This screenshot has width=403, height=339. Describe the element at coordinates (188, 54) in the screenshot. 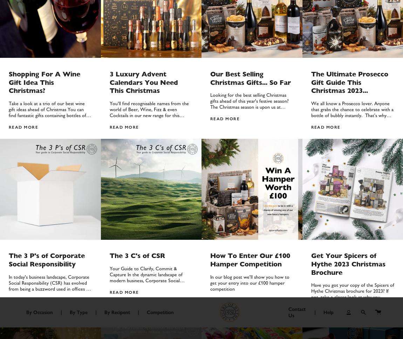

I see `'For Granny'` at that location.